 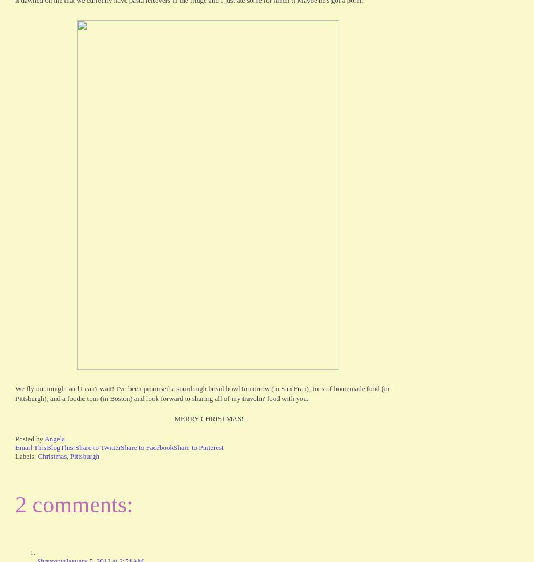 What do you see at coordinates (15, 505) in the screenshot?
I see `'2 comments:'` at bounding box center [15, 505].